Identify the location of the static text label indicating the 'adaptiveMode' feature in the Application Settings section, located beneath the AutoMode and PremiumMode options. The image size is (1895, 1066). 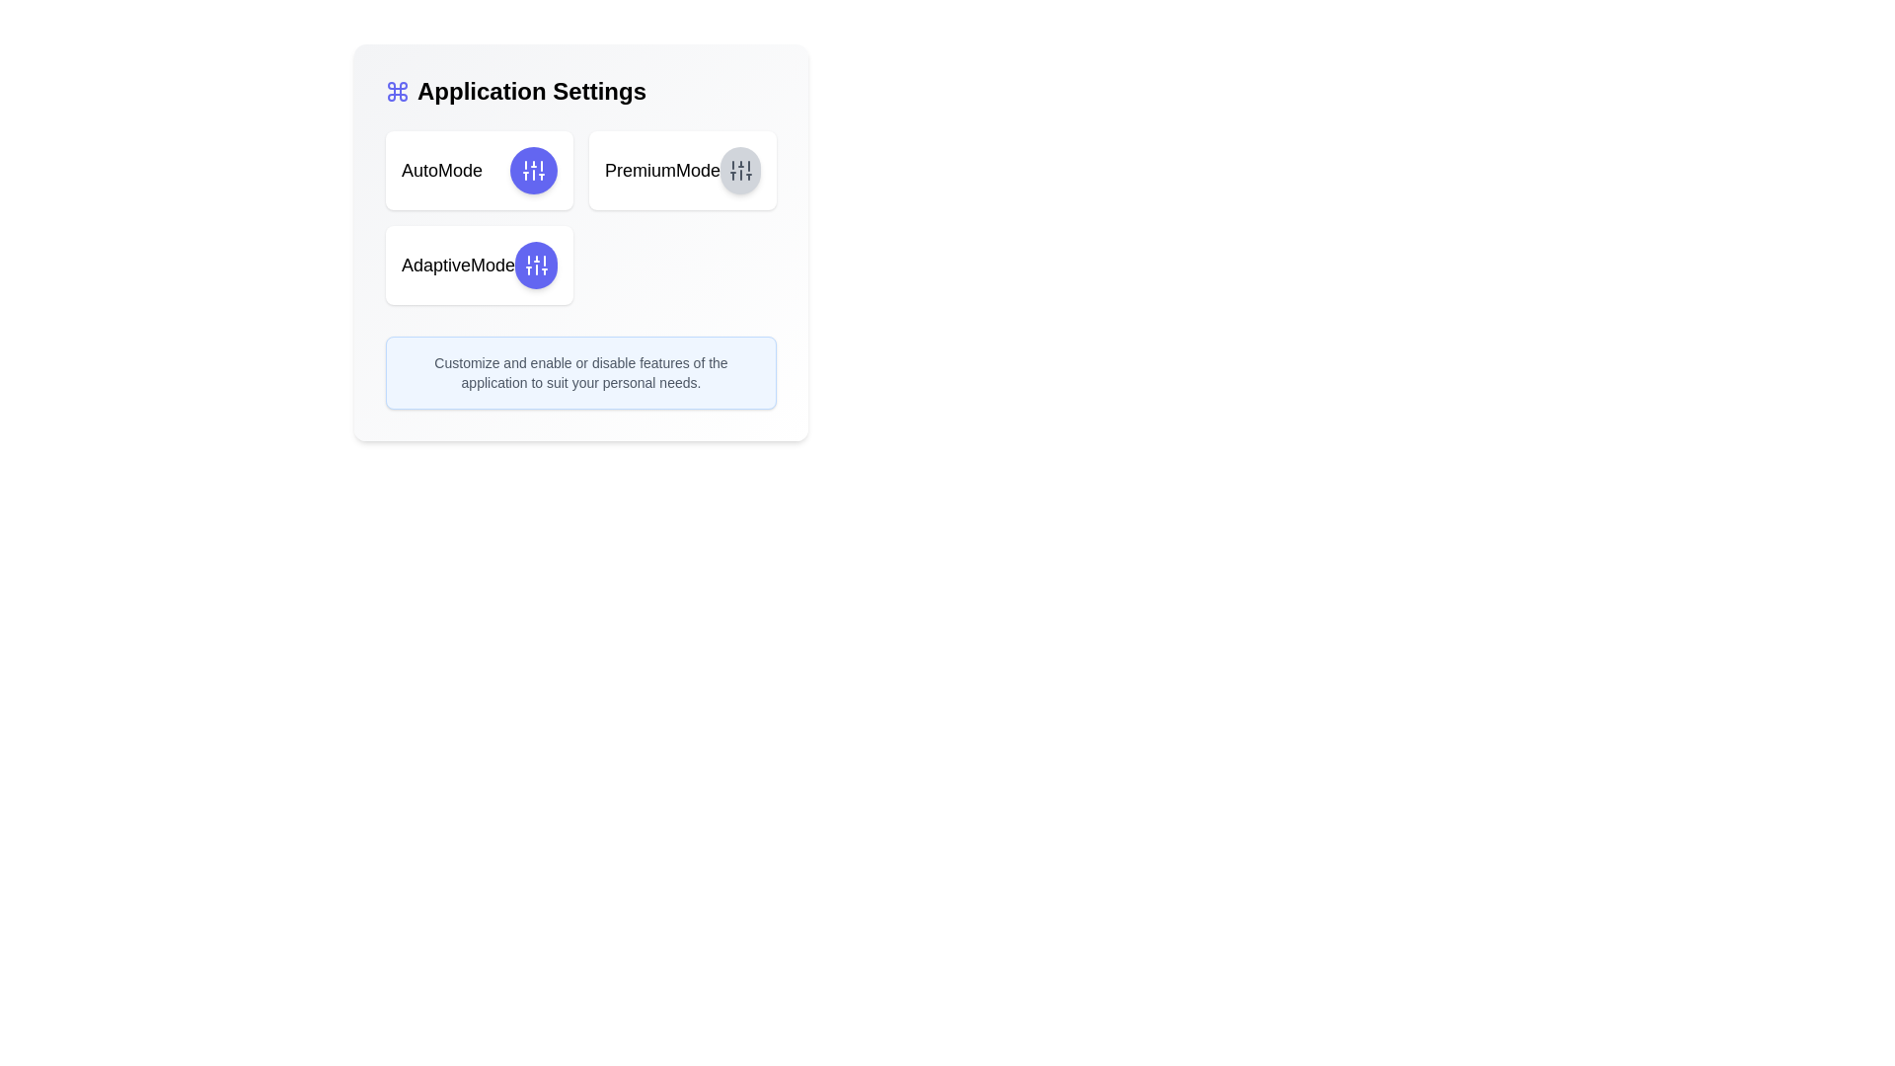
(457, 265).